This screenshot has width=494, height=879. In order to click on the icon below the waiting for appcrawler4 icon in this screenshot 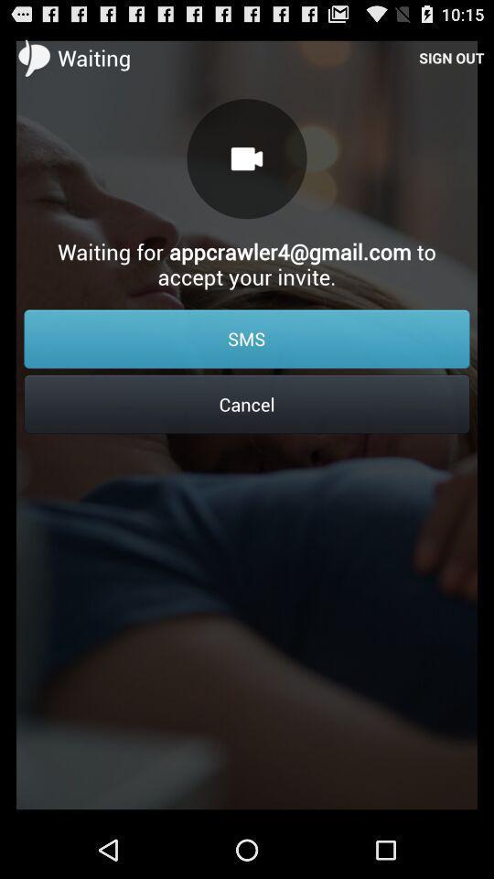, I will do `click(247, 338)`.